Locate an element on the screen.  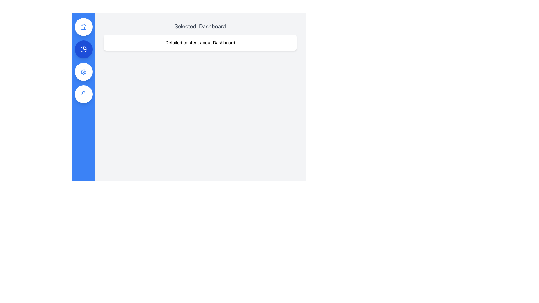
the semi-circular segment of the pie chart icon located in the navigation bar, specifically the second button from the top, which is surrounded by a blue background is located at coordinates (84, 48).